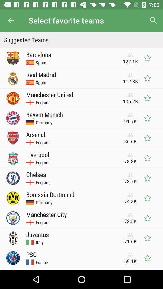 The width and height of the screenshot is (163, 289). What do you see at coordinates (39, 54) in the screenshot?
I see `the item to the left of 122.1k icon` at bounding box center [39, 54].